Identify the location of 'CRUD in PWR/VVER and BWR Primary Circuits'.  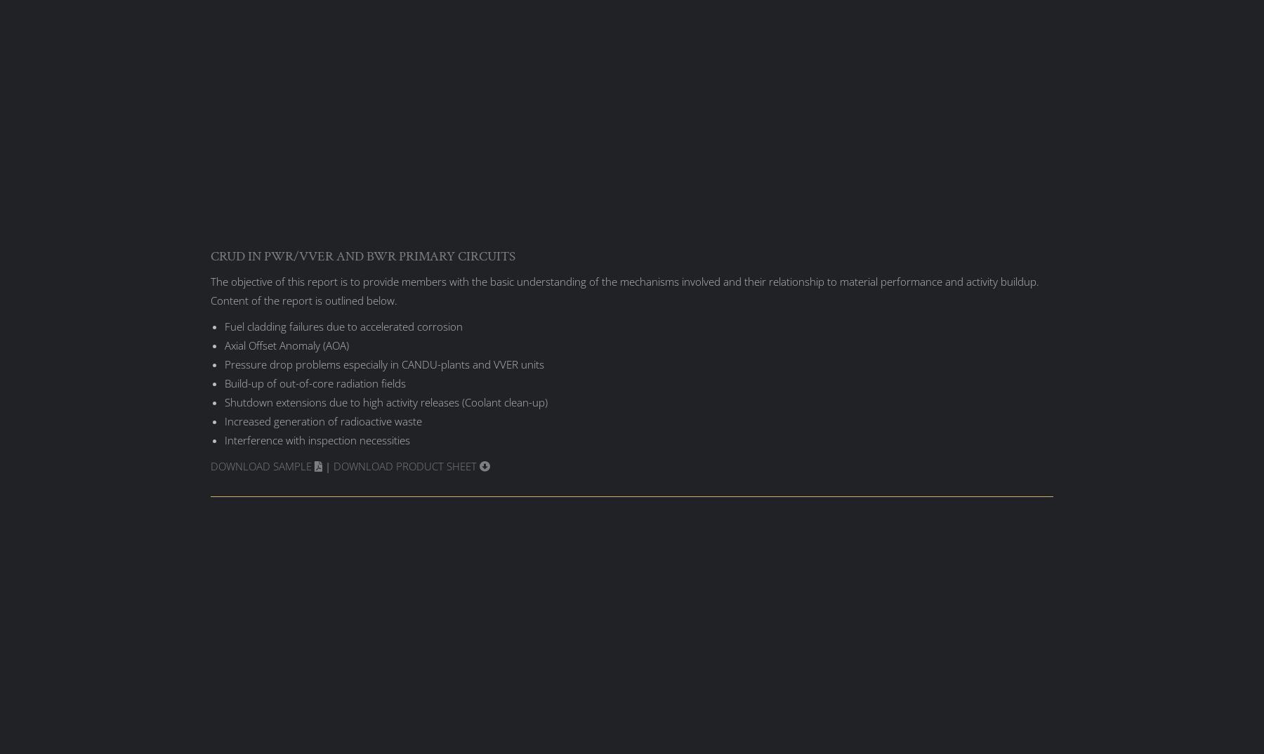
(362, 255).